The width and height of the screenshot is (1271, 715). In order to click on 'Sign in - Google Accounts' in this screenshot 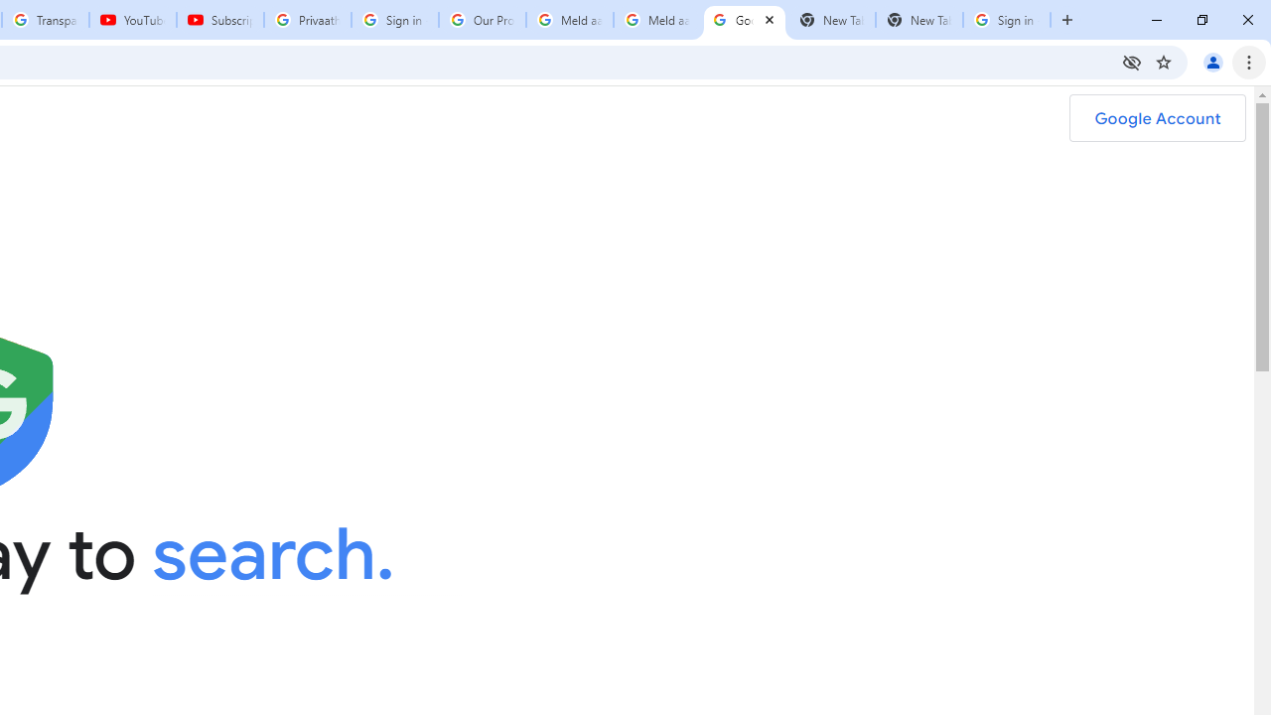, I will do `click(1007, 20)`.